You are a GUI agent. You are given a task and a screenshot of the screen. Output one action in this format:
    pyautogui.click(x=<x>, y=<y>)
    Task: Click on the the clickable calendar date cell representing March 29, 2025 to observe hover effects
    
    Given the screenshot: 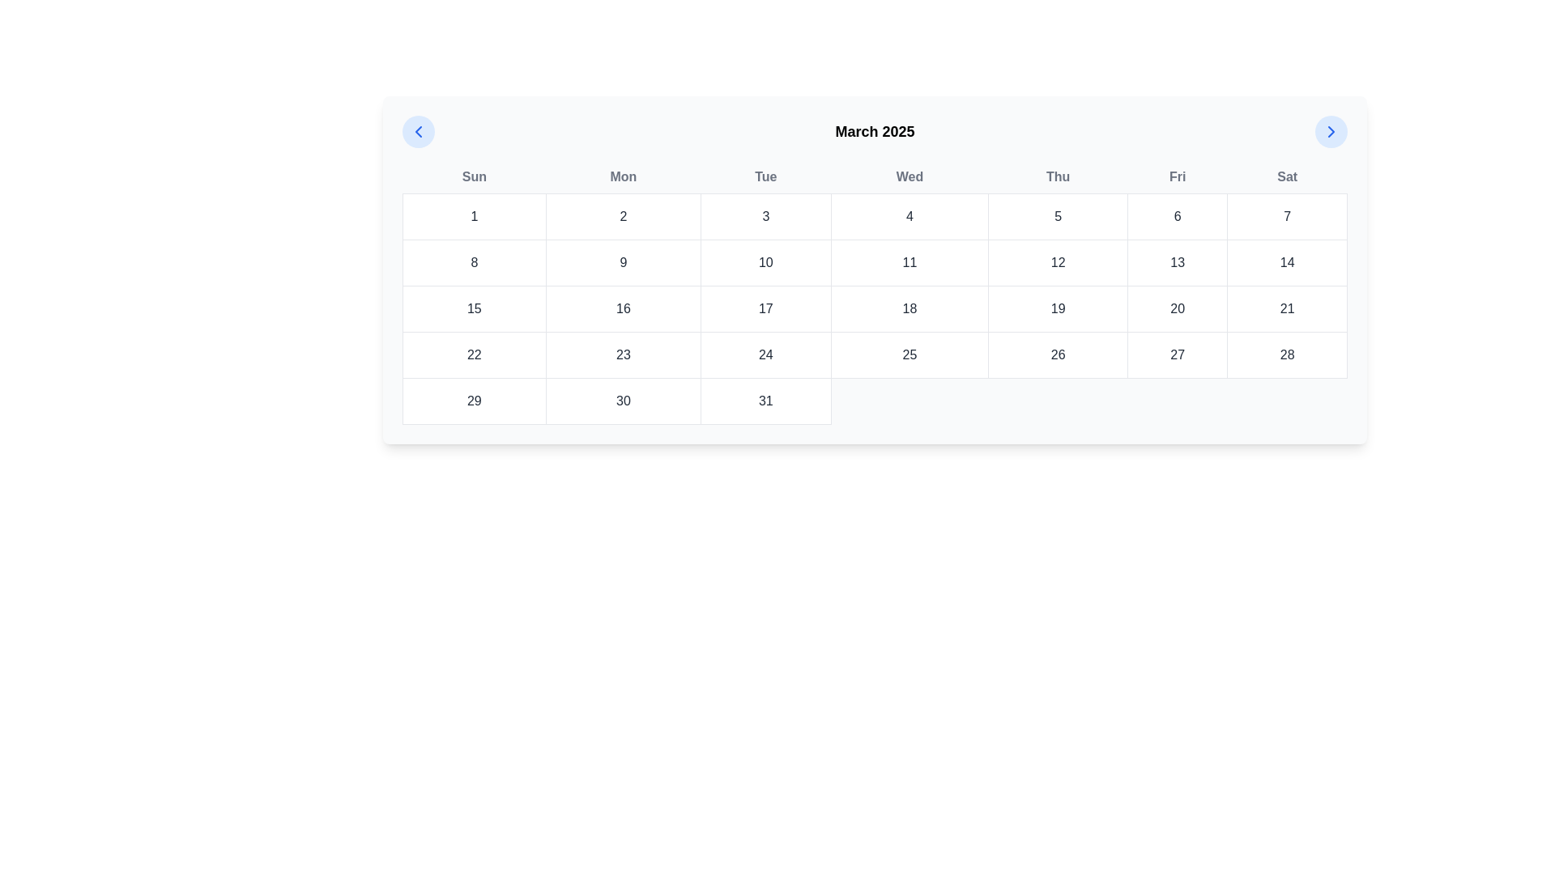 What is the action you would take?
    pyautogui.click(x=473, y=401)
    